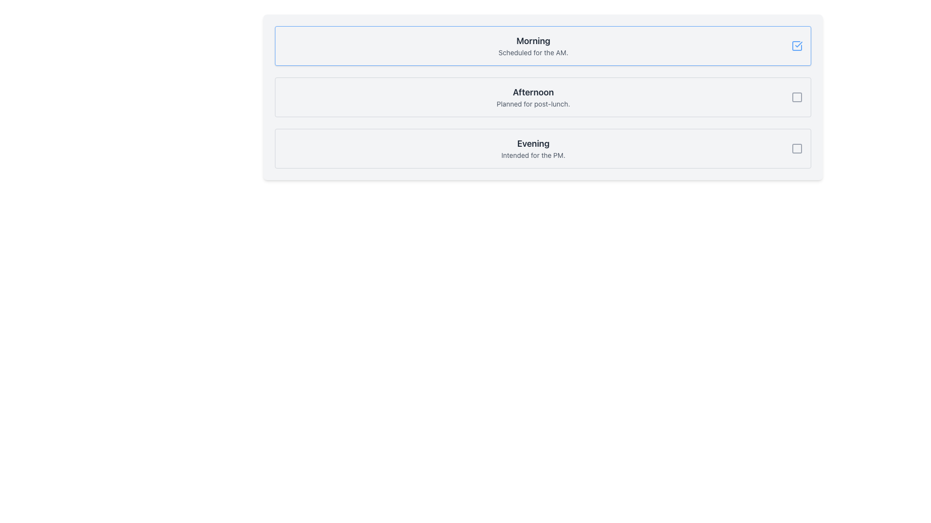  What do you see at coordinates (797, 46) in the screenshot?
I see `SVG icon representing a square with a check mark in it, located in the top-right corner of the 'Morning' section` at bounding box center [797, 46].